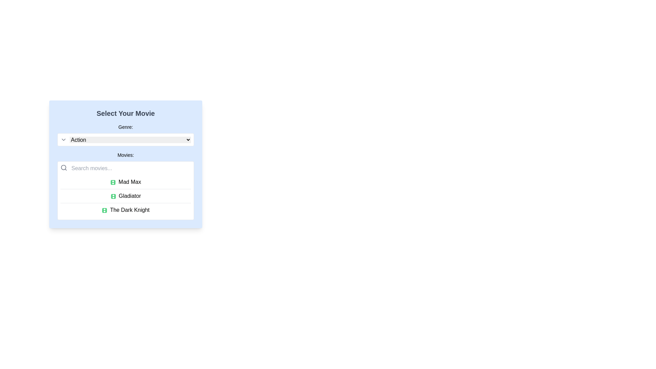 The width and height of the screenshot is (656, 369). Describe the element at coordinates (113, 196) in the screenshot. I see `the film icon representing the movie 'Gladiator' located adjacent to the text 'Gladiator' in the second row of the 'Movies' list` at that location.